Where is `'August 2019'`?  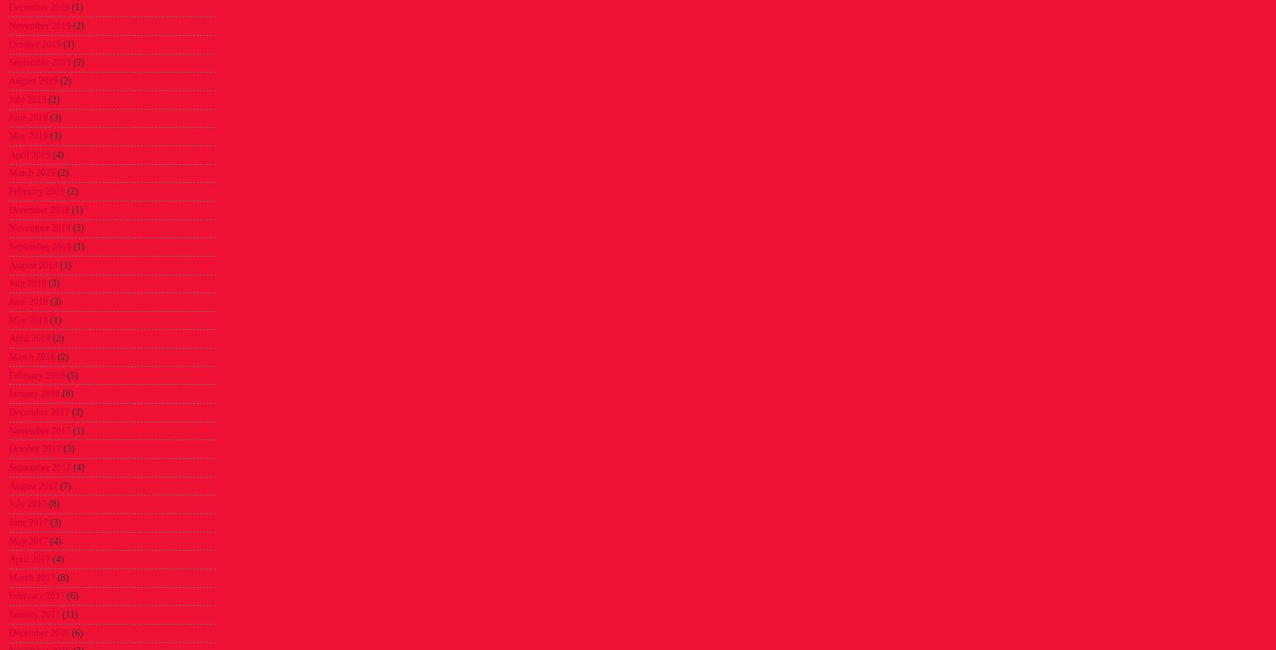
'August 2019' is located at coordinates (32, 81).